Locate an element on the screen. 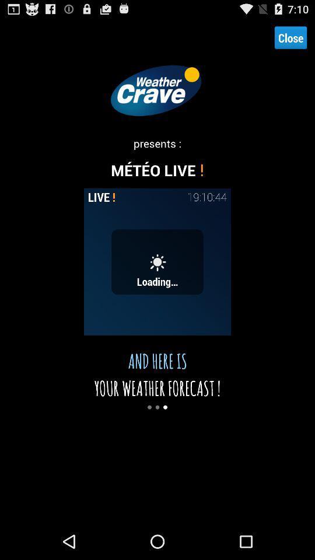  the close at the top right corner is located at coordinates (290, 37).